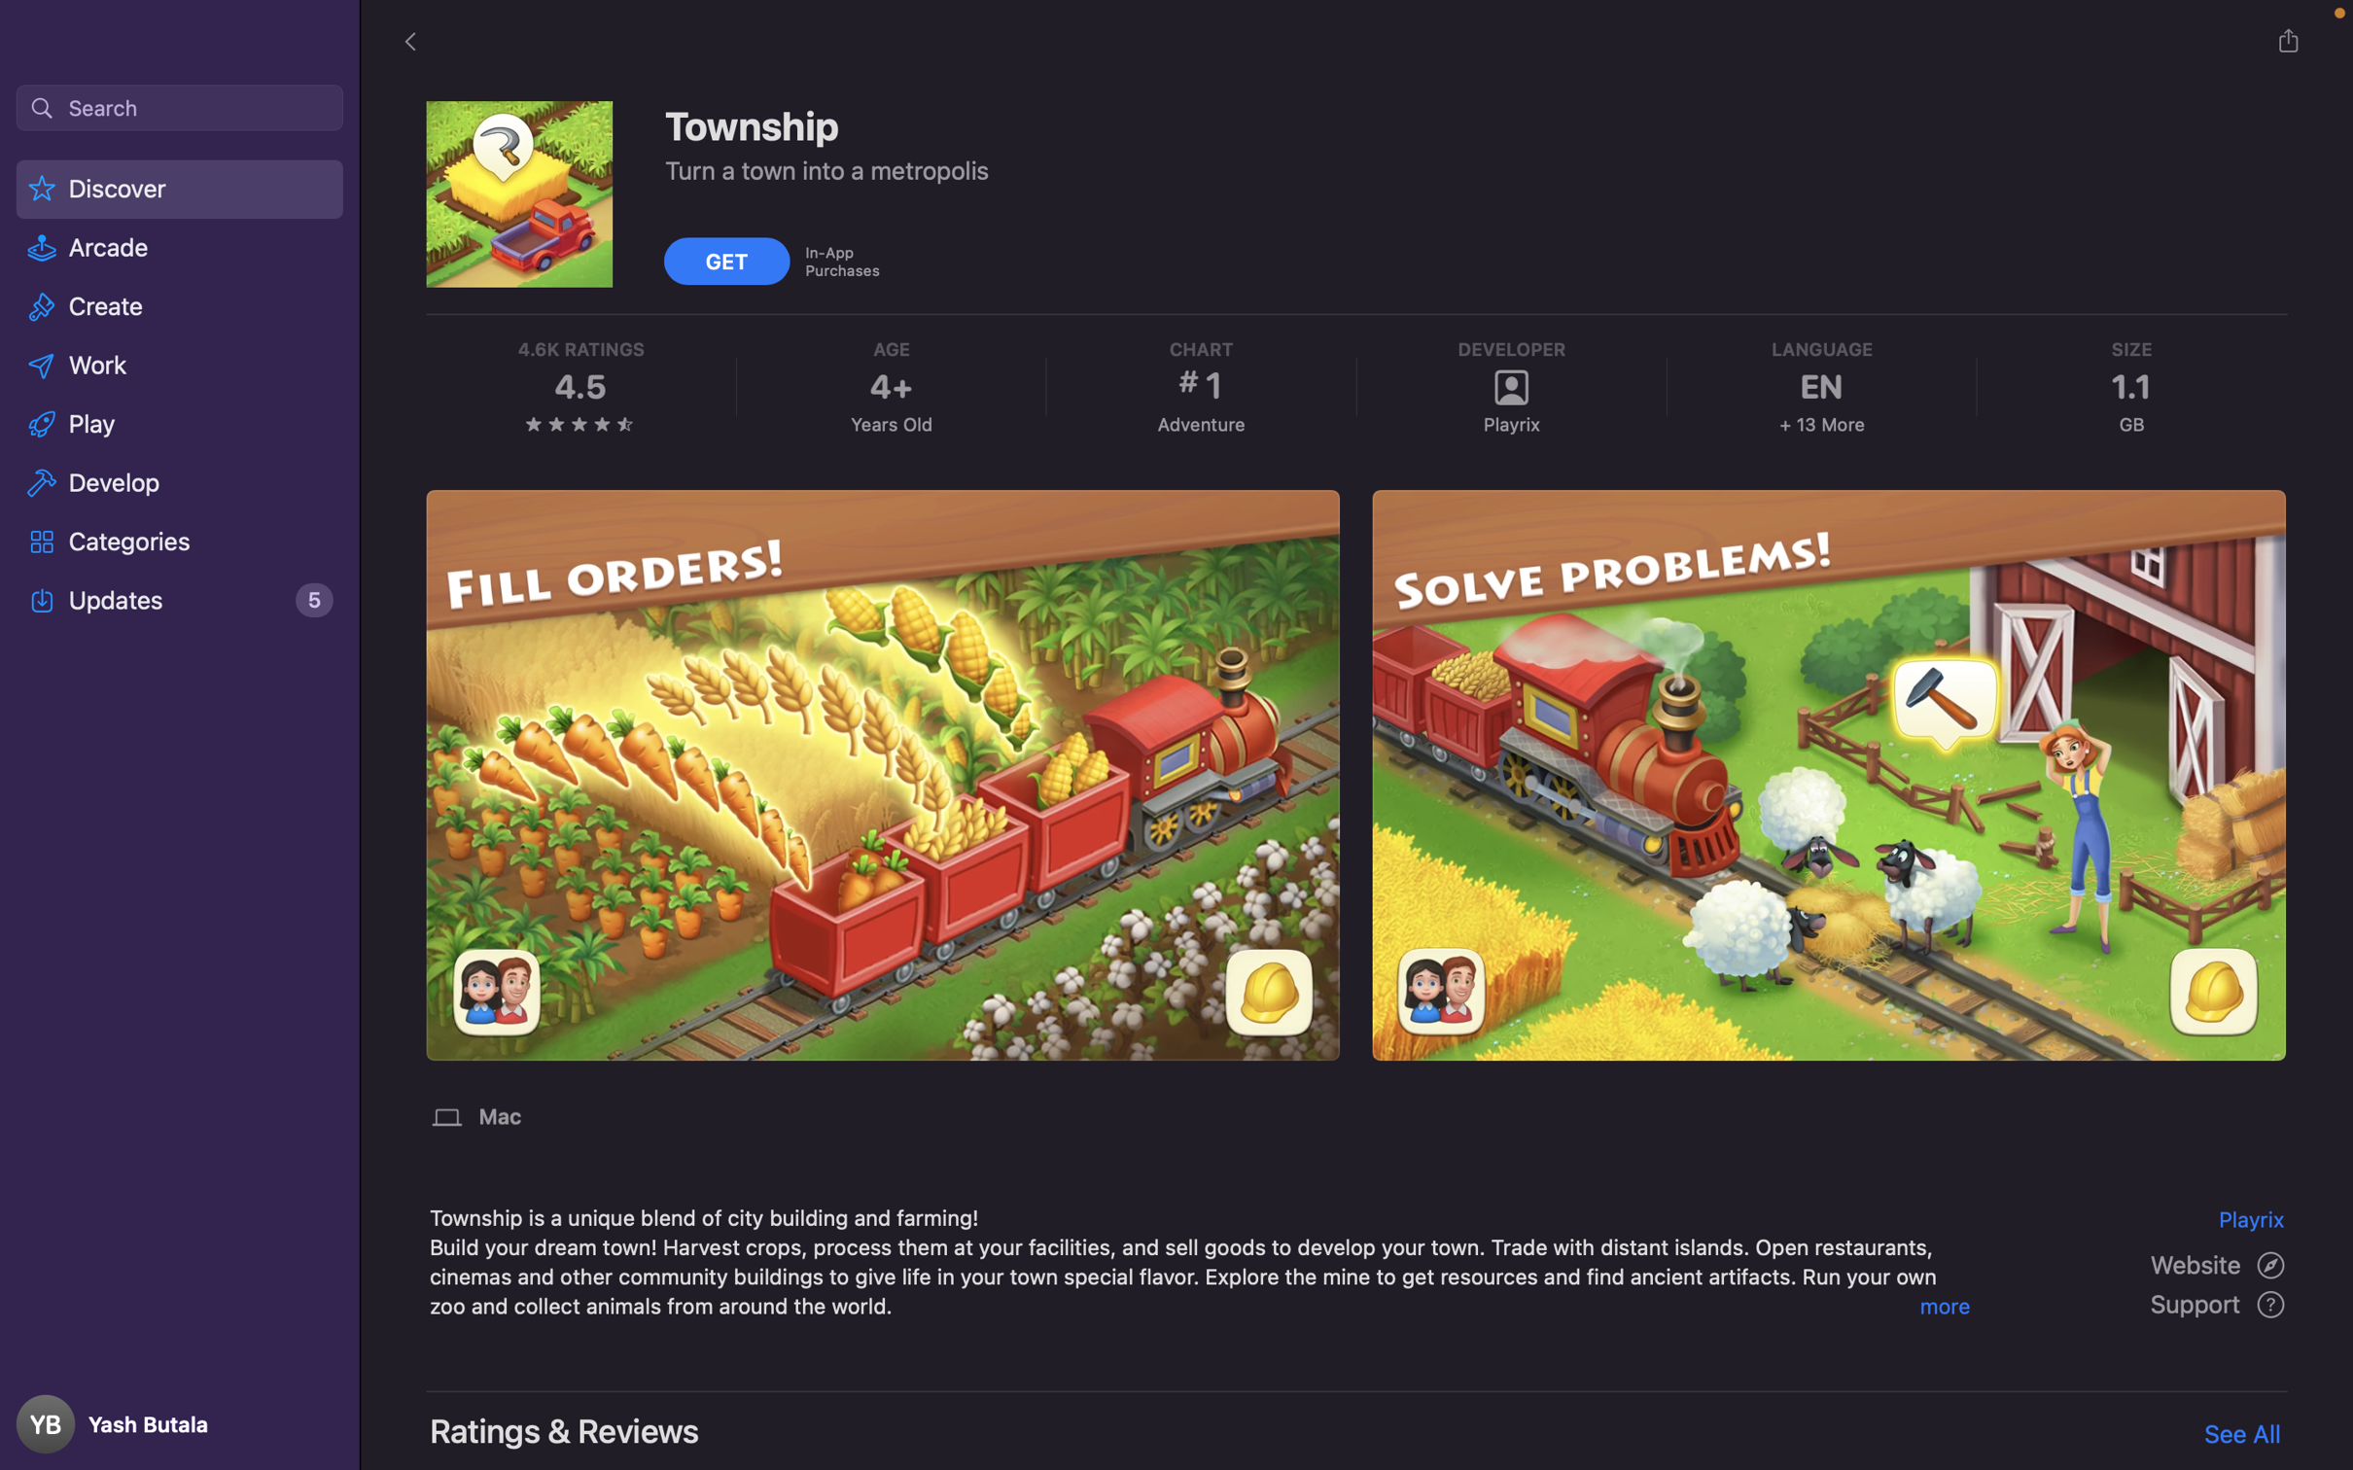 The height and width of the screenshot is (1470, 2353). What do you see at coordinates (2220, 1305) in the screenshot?
I see `the "Support" button, click on it, then choose the "Contact Us" option to reach out to customer service` at bounding box center [2220, 1305].